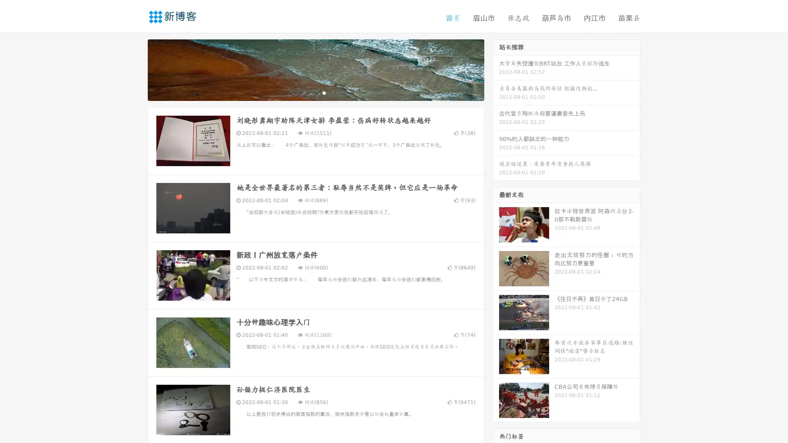  I want to click on Previous slide, so click(135, 69).